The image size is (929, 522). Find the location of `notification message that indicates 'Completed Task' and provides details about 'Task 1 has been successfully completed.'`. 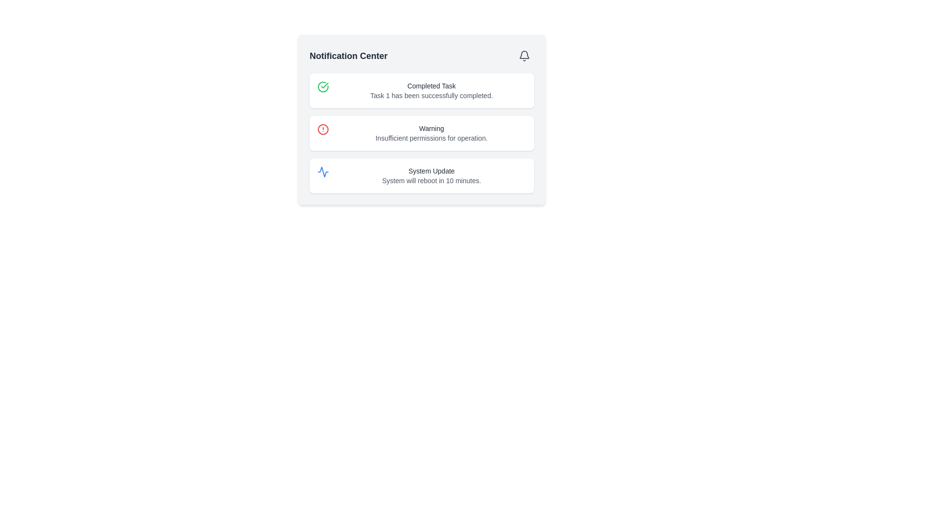

notification message that indicates 'Completed Task' and provides details about 'Task 1 has been successfully completed.' is located at coordinates (431, 91).